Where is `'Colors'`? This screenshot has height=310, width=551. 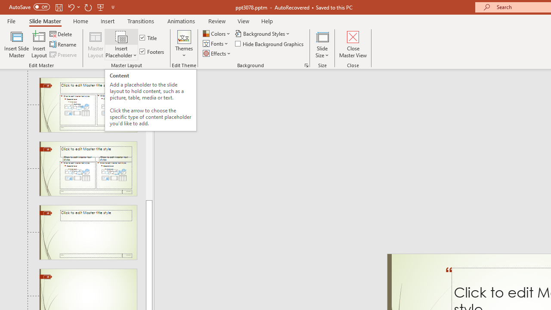 'Colors' is located at coordinates (217, 33).